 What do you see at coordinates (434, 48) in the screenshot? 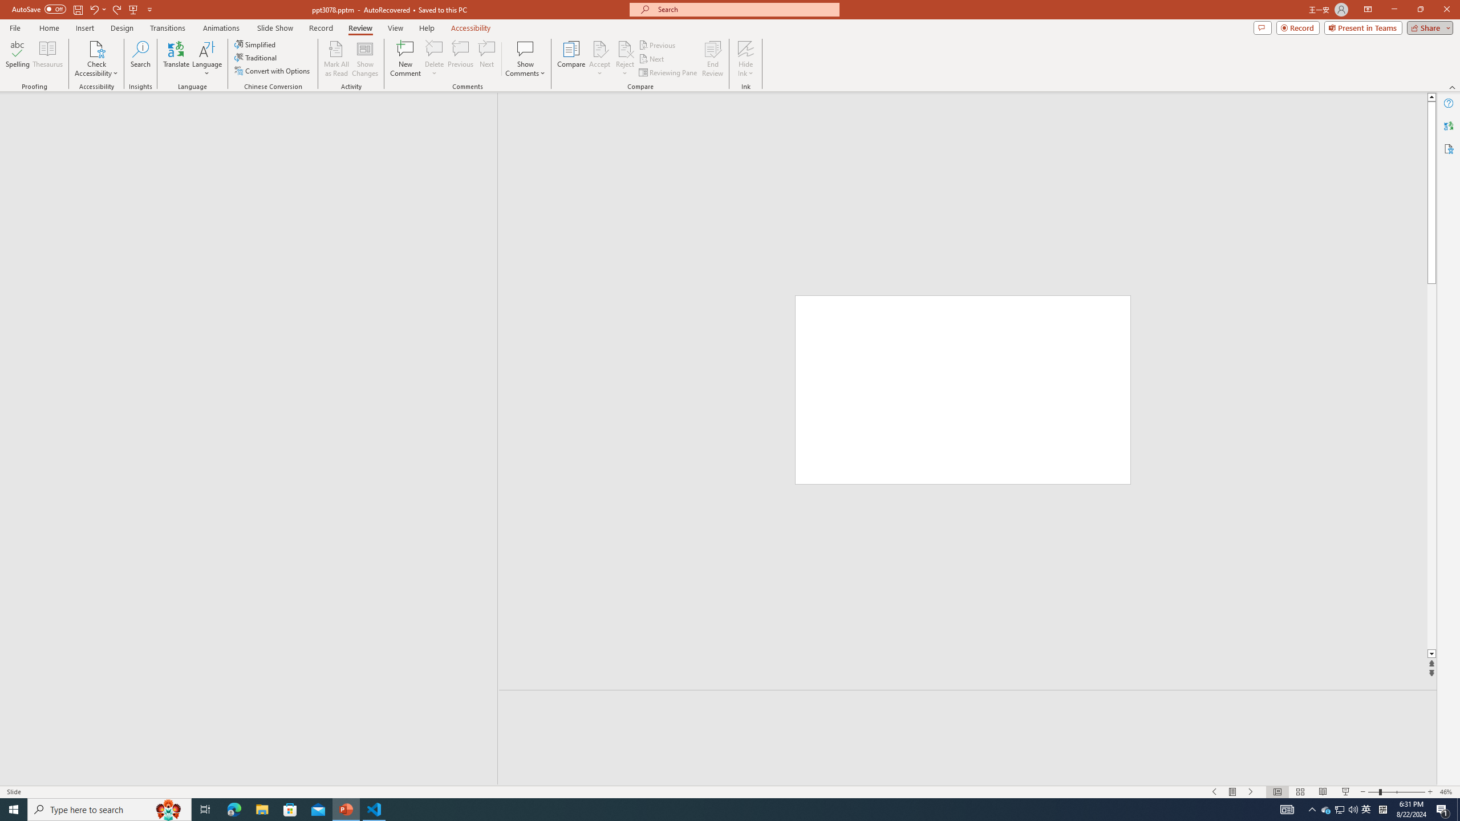
I see `'Delete'` at bounding box center [434, 48].